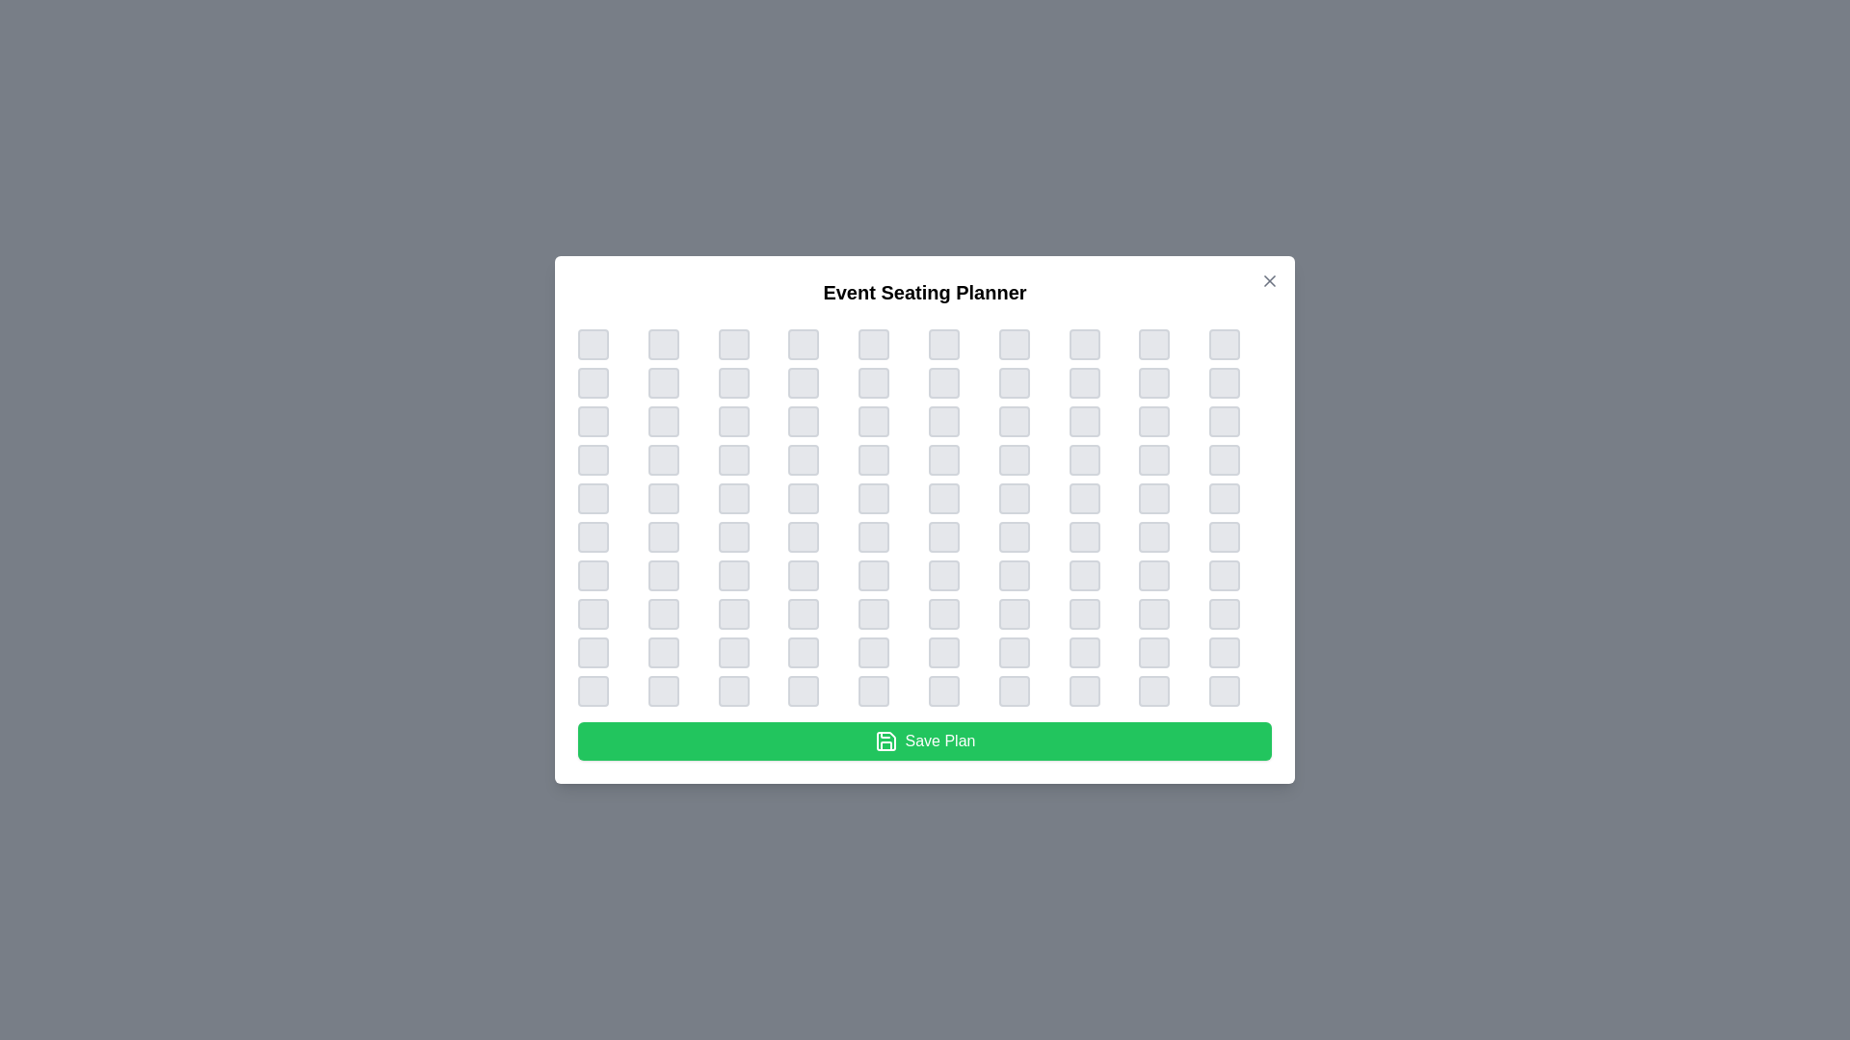  I want to click on 'Close' button located at the top-right corner of the dialog, so click(1270, 281).